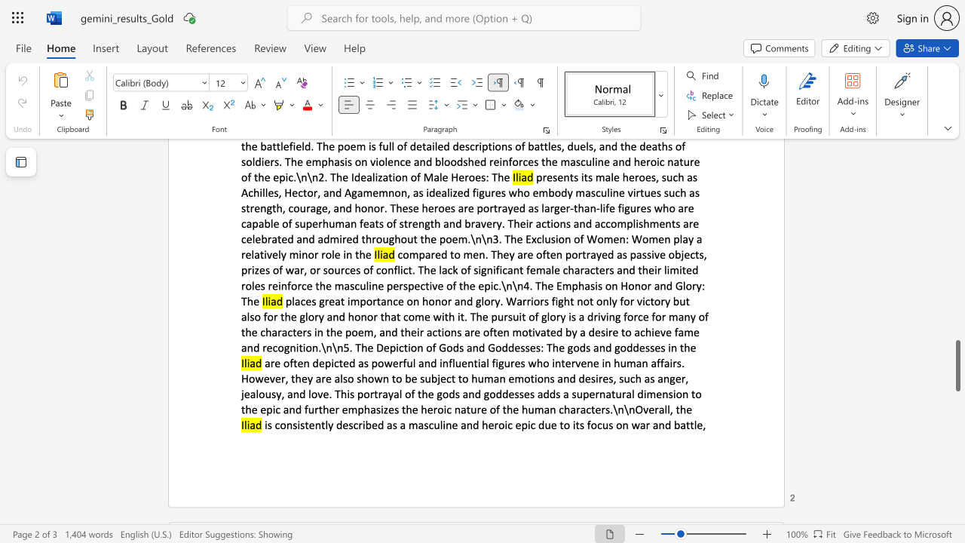 Image resolution: width=965 pixels, height=543 pixels. I want to click on the scrollbar on the right to move the page upward, so click(957, 271).